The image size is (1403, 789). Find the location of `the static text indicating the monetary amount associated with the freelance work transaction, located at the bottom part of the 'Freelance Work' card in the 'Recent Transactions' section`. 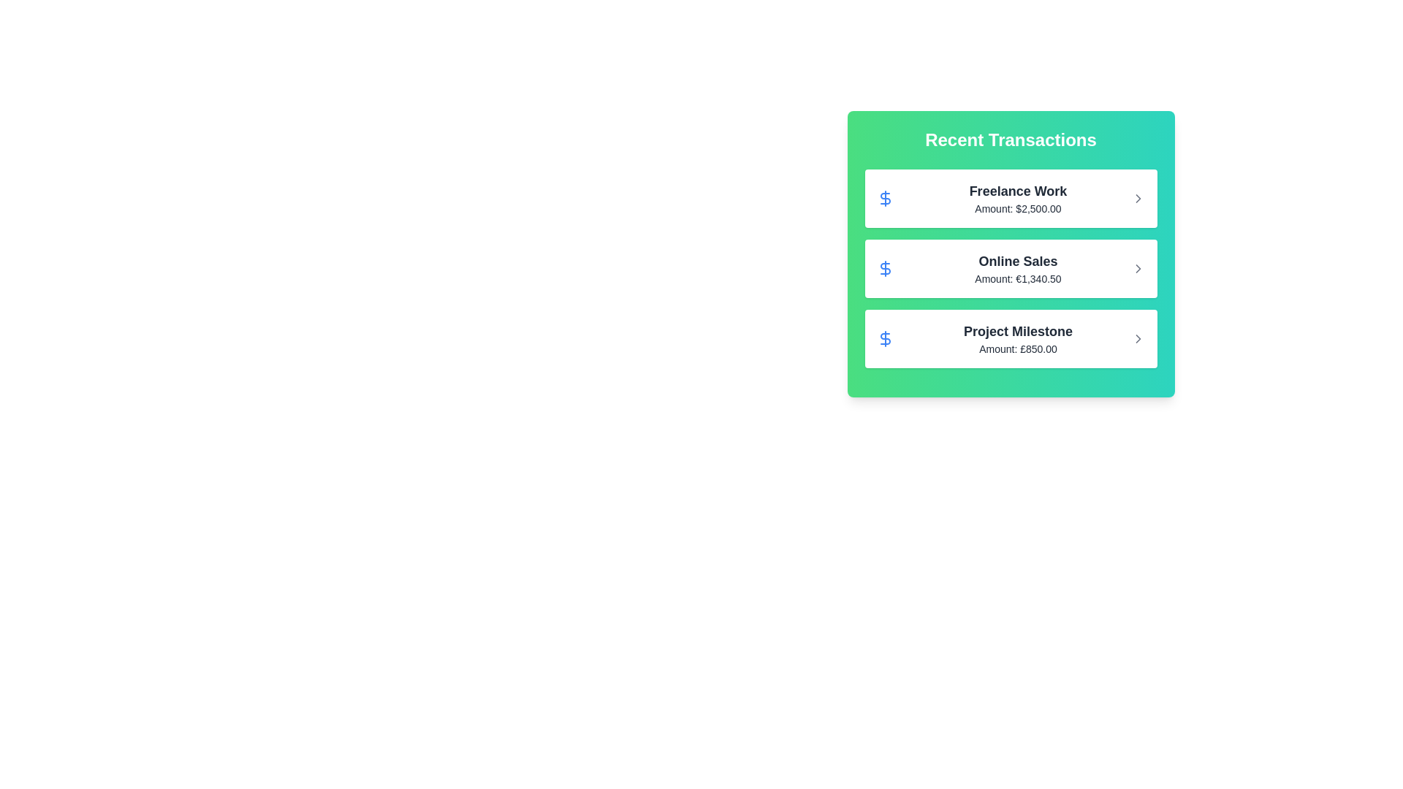

the static text indicating the monetary amount associated with the freelance work transaction, located at the bottom part of the 'Freelance Work' card in the 'Recent Transactions' section is located at coordinates (1017, 208).